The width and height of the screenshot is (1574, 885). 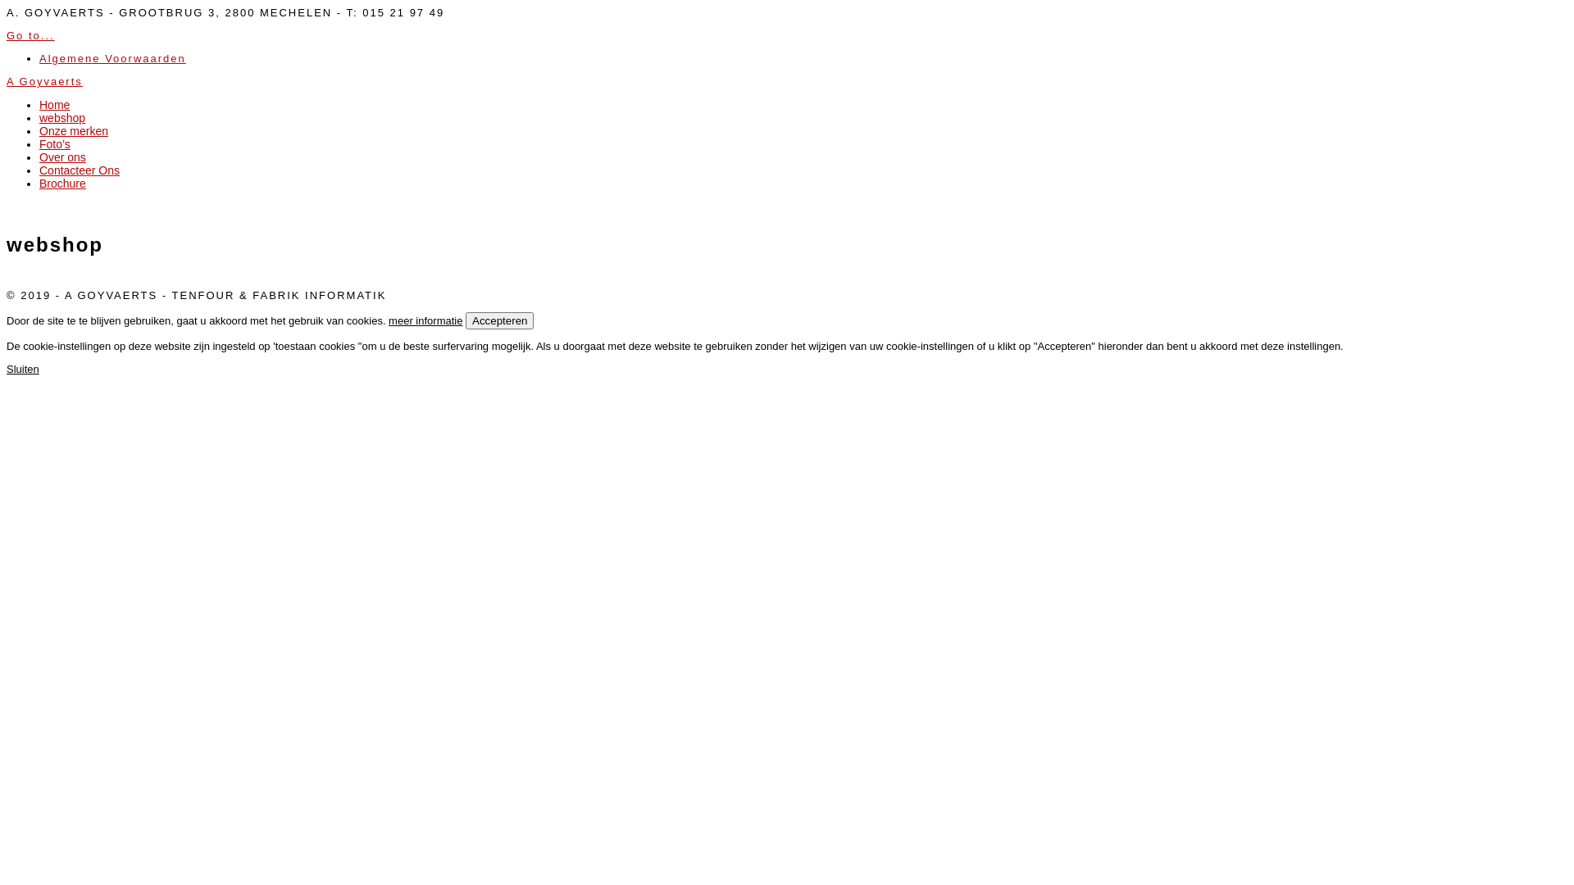 I want to click on 'Brochure', so click(x=62, y=183).